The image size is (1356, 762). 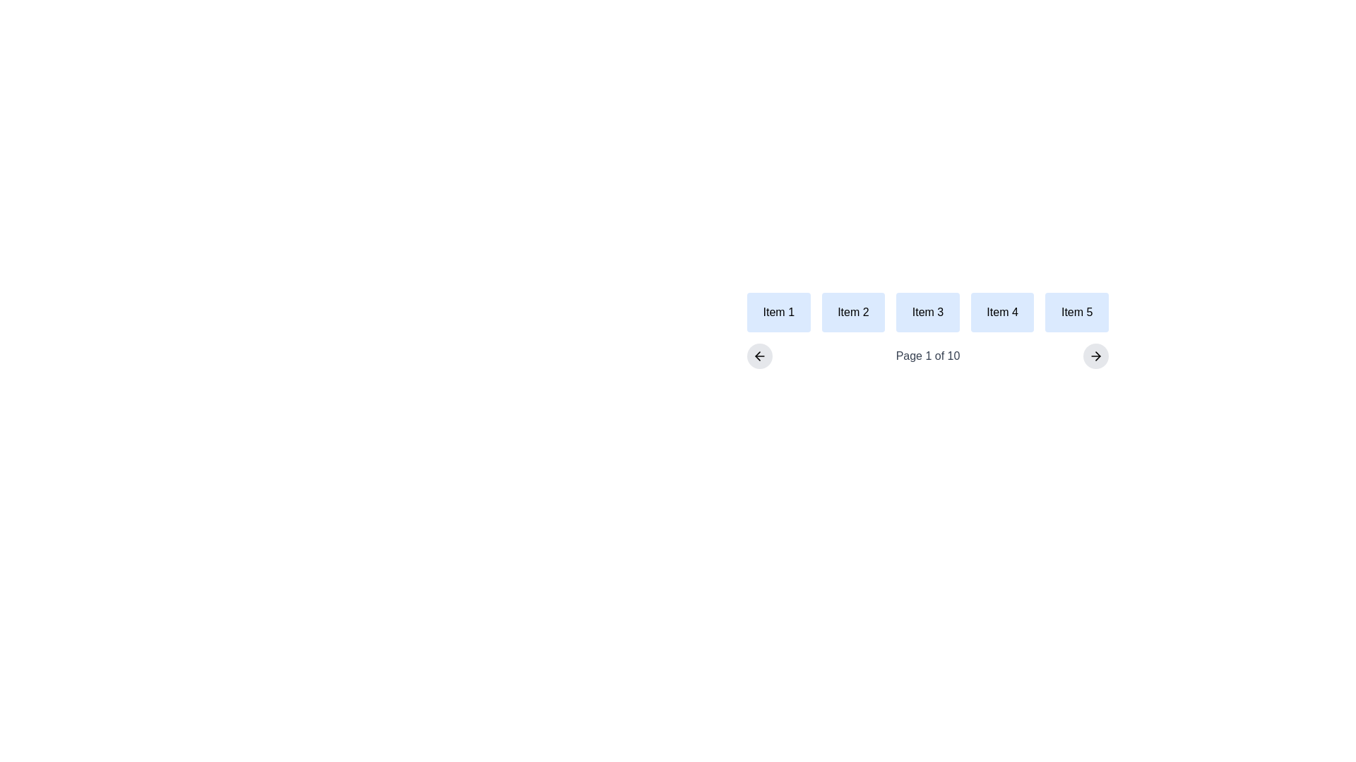 I want to click on the circular button with a leftward-pointing arrow icon located in the lower-left area of the pagination panel if it is enabled, so click(x=759, y=356).